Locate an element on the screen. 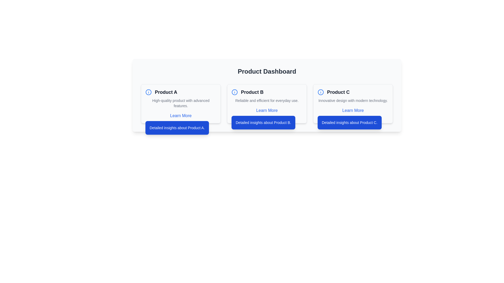  the first card in the horizontally laid-out list, which has a white background and shadow is located at coordinates (181, 104).